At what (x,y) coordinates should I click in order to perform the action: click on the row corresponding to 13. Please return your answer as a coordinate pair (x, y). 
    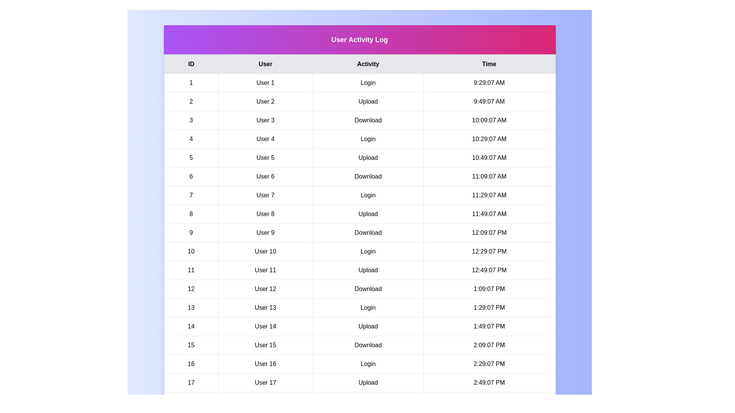
    Looking at the image, I should click on (359, 307).